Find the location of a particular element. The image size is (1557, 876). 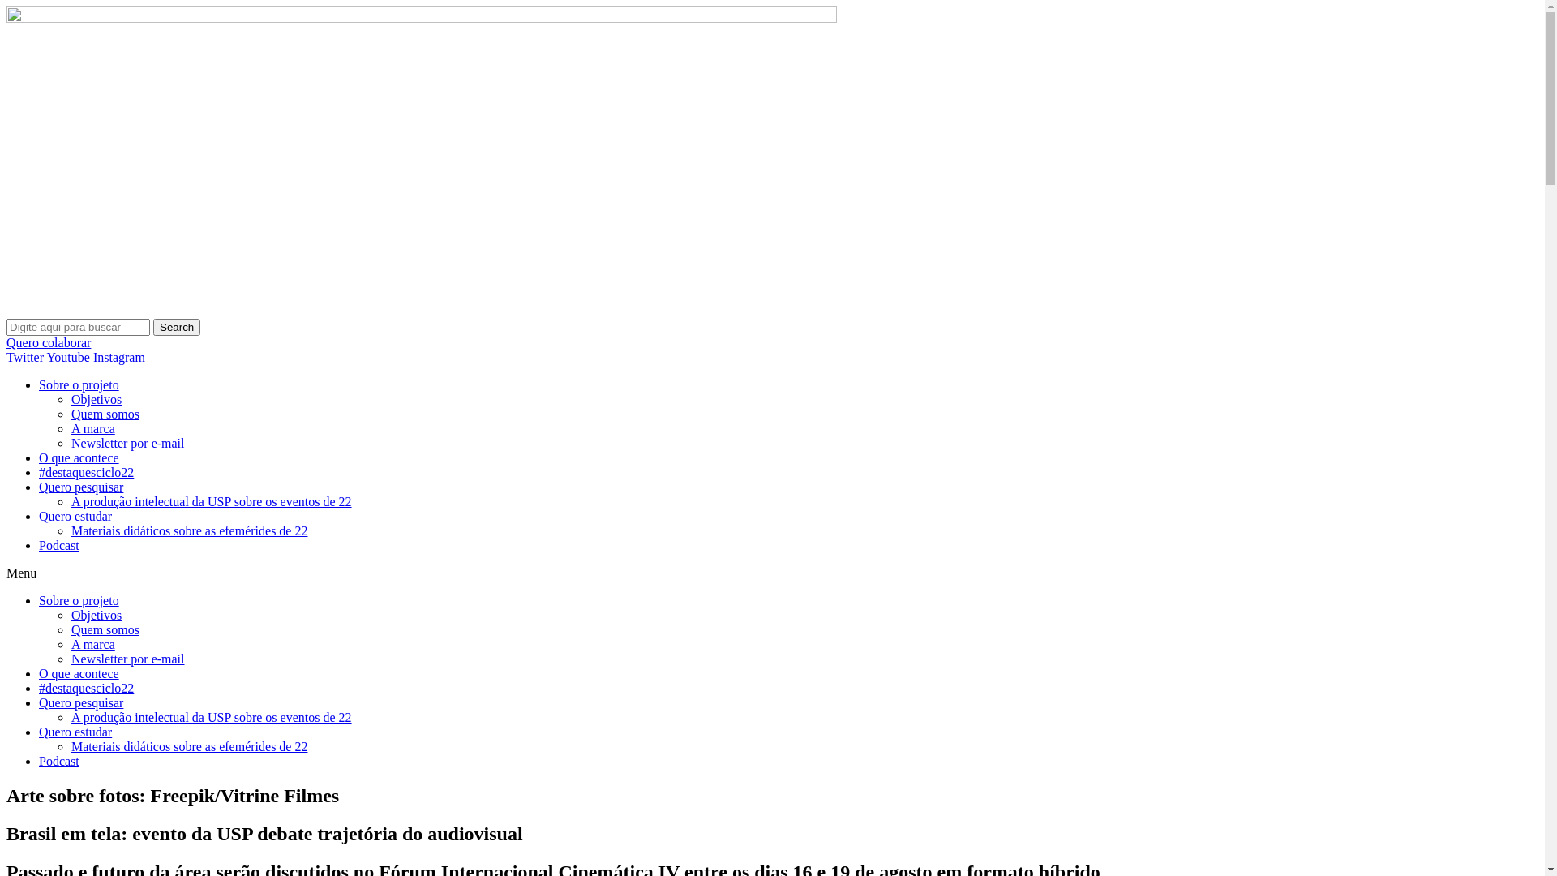

'Search' is located at coordinates (77, 327).